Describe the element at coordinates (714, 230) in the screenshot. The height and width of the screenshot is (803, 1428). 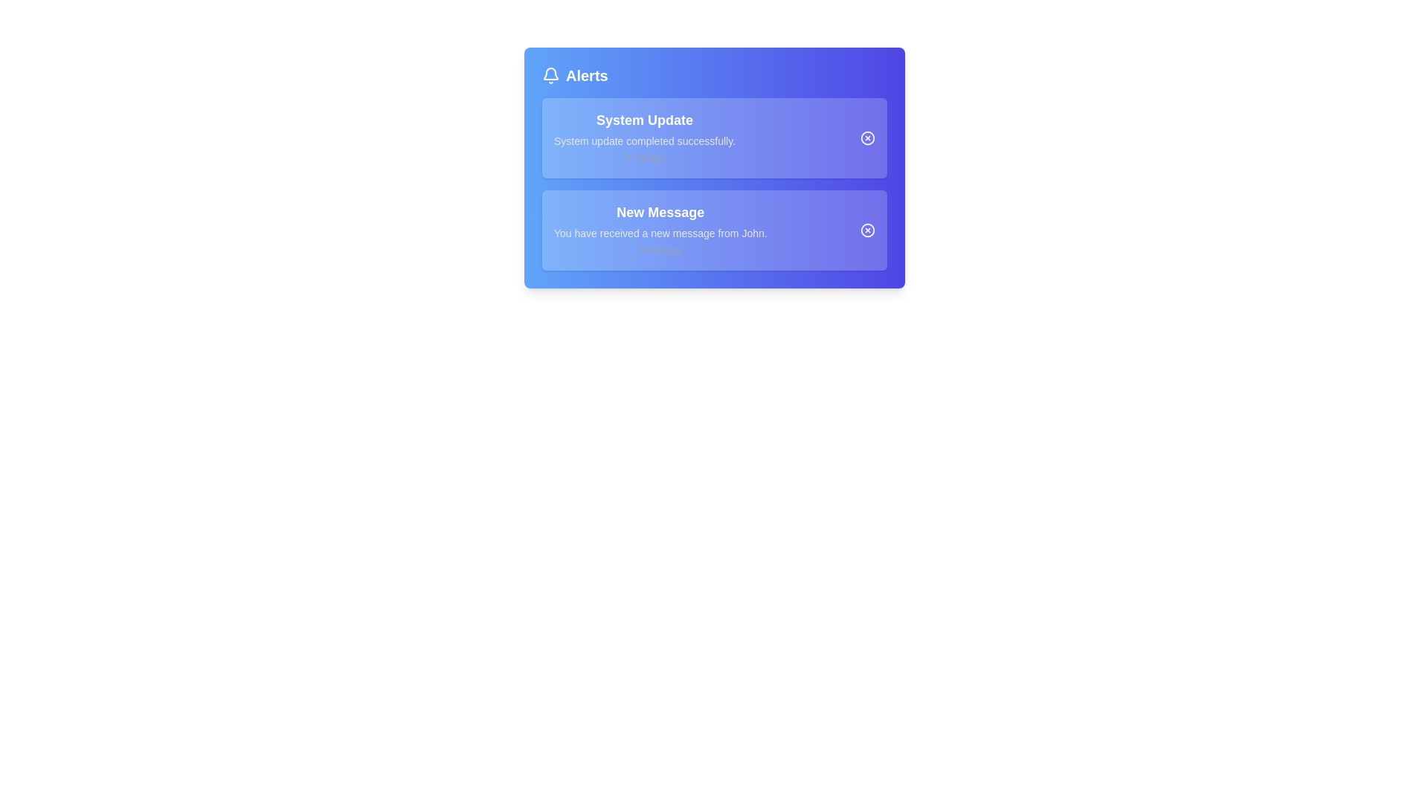
I see `the Notification Card displaying the most recent message notification in the second notification slot of the Alerts section` at that location.